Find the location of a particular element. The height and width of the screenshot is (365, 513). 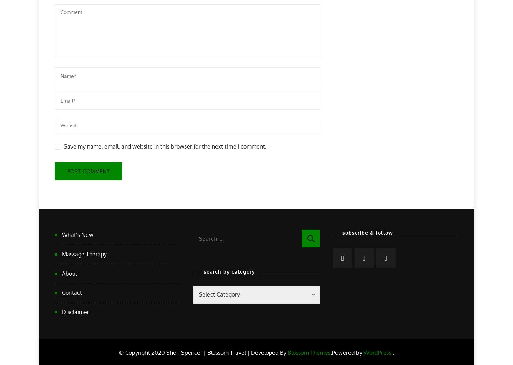

'Blossom Travel | Developed By' is located at coordinates (246, 352).